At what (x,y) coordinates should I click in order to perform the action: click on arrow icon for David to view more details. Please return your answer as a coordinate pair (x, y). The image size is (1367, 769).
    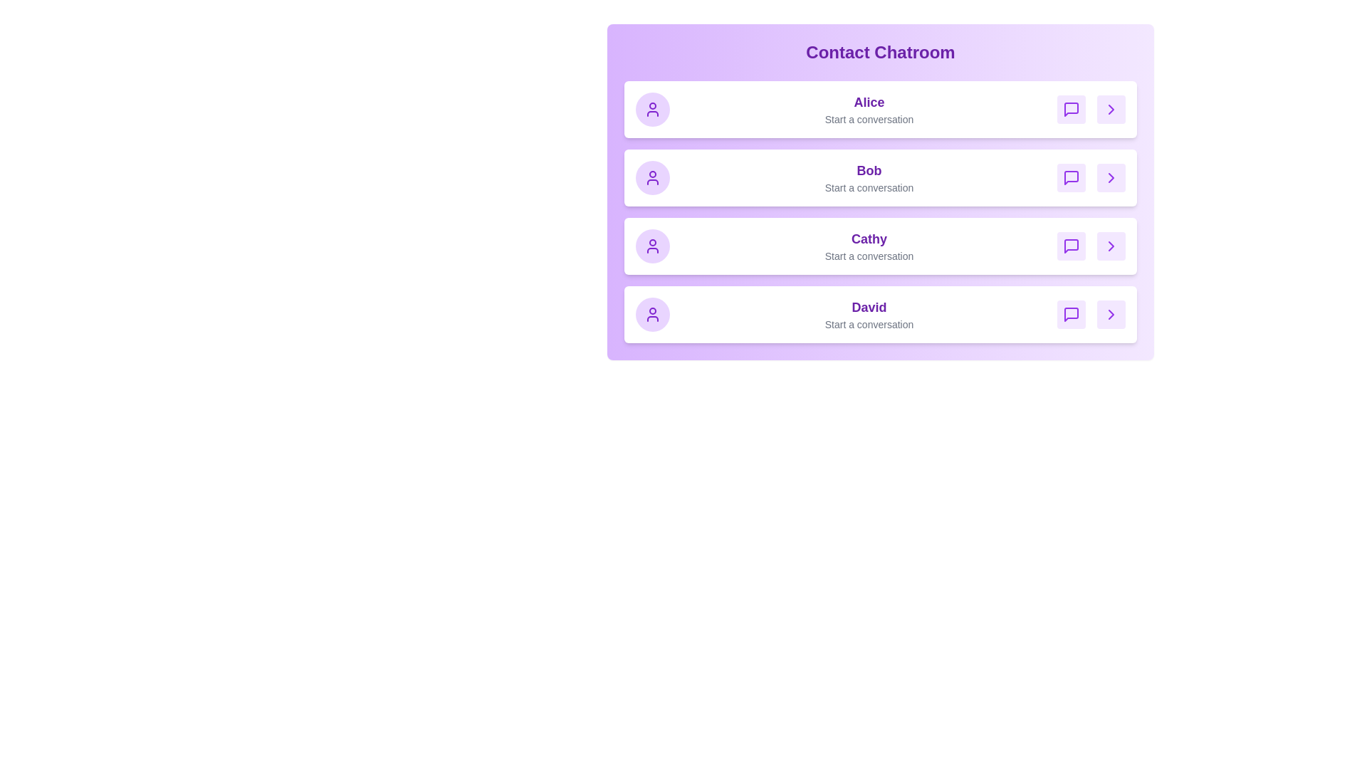
    Looking at the image, I should click on (1110, 314).